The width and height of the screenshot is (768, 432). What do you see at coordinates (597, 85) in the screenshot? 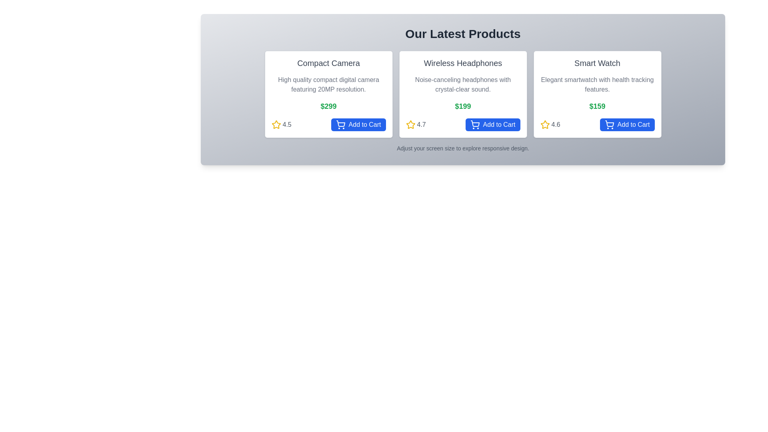
I see `the text block displaying 'Elegant smartwatch with health tracking features.' which is styled in gray font and positioned beneath the title 'Smart Watch.'` at bounding box center [597, 85].